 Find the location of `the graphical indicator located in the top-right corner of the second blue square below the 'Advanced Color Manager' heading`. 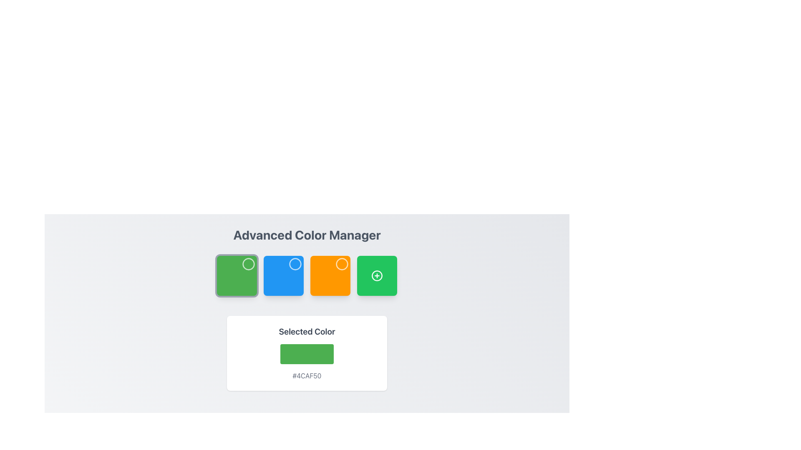

the graphical indicator located in the top-right corner of the second blue square below the 'Advanced Color Manager' heading is located at coordinates (295, 264).